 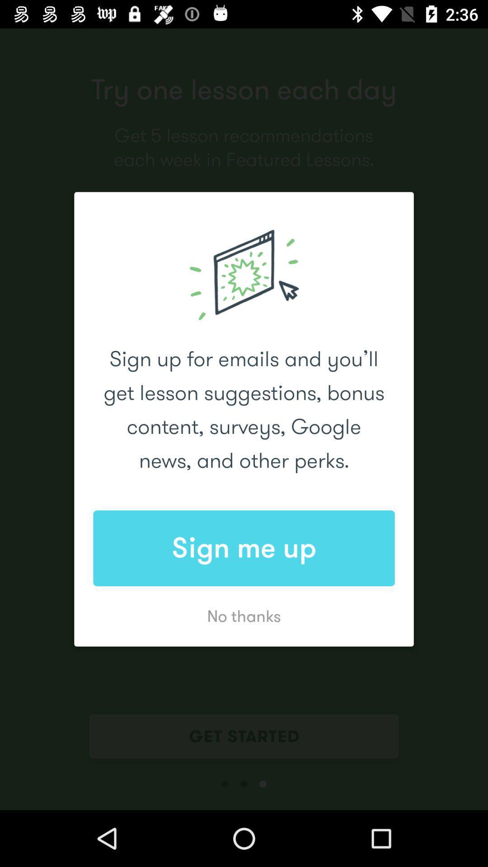 What do you see at coordinates (244, 615) in the screenshot?
I see `the no thanks icon` at bounding box center [244, 615].